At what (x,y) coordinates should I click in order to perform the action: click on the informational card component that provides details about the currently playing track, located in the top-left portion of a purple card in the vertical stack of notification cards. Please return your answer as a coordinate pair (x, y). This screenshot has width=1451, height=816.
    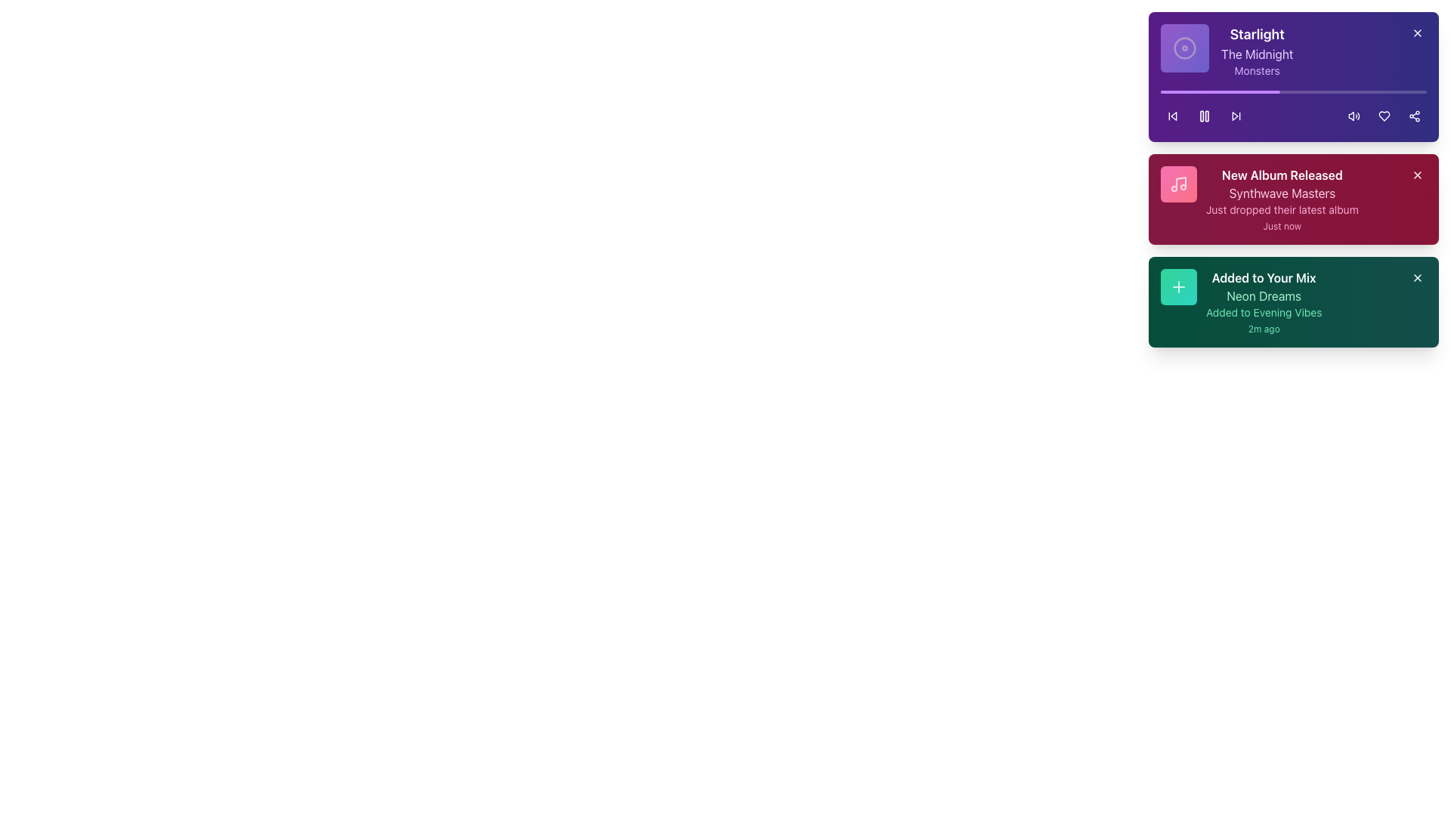
    Looking at the image, I should click on (1227, 51).